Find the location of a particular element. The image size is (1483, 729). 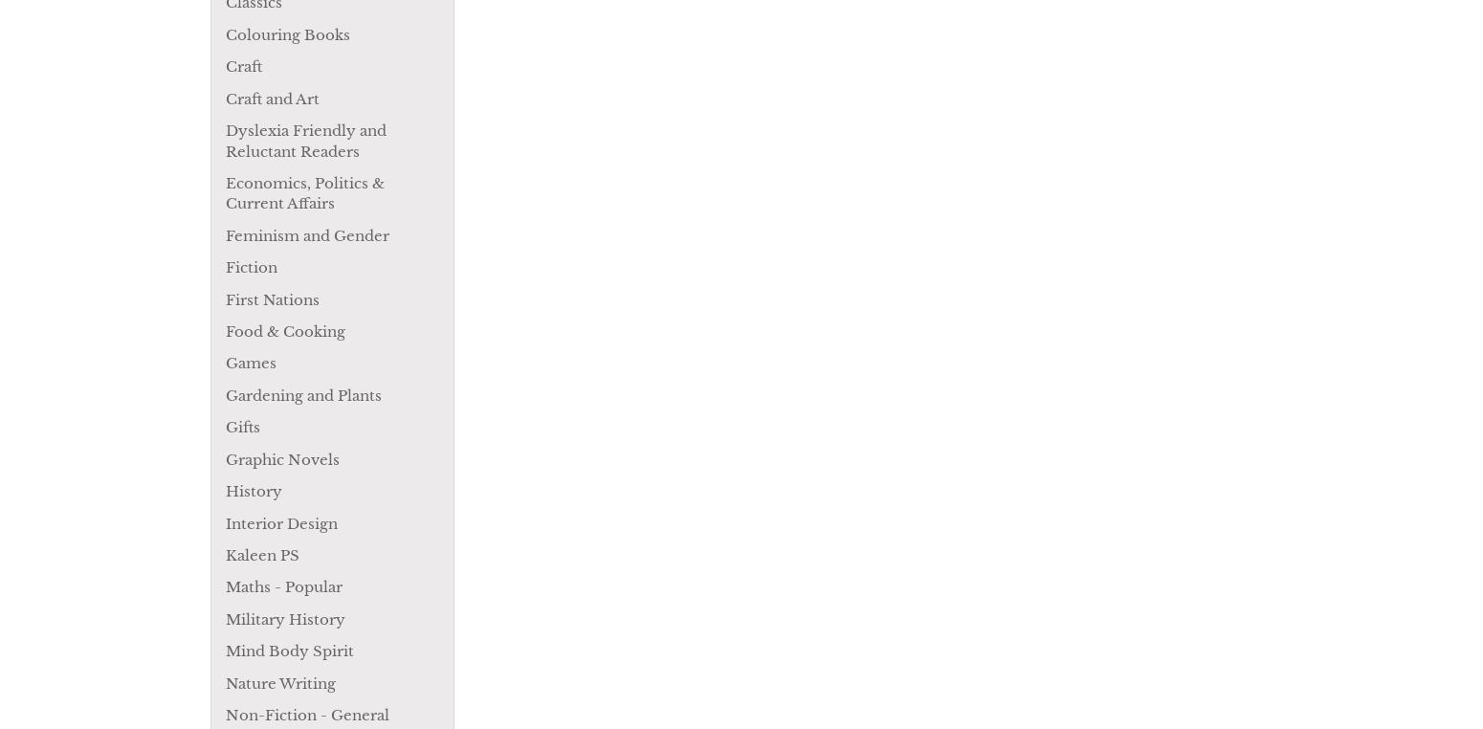

'Feminism and Gender' is located at coordinates (306, 234).